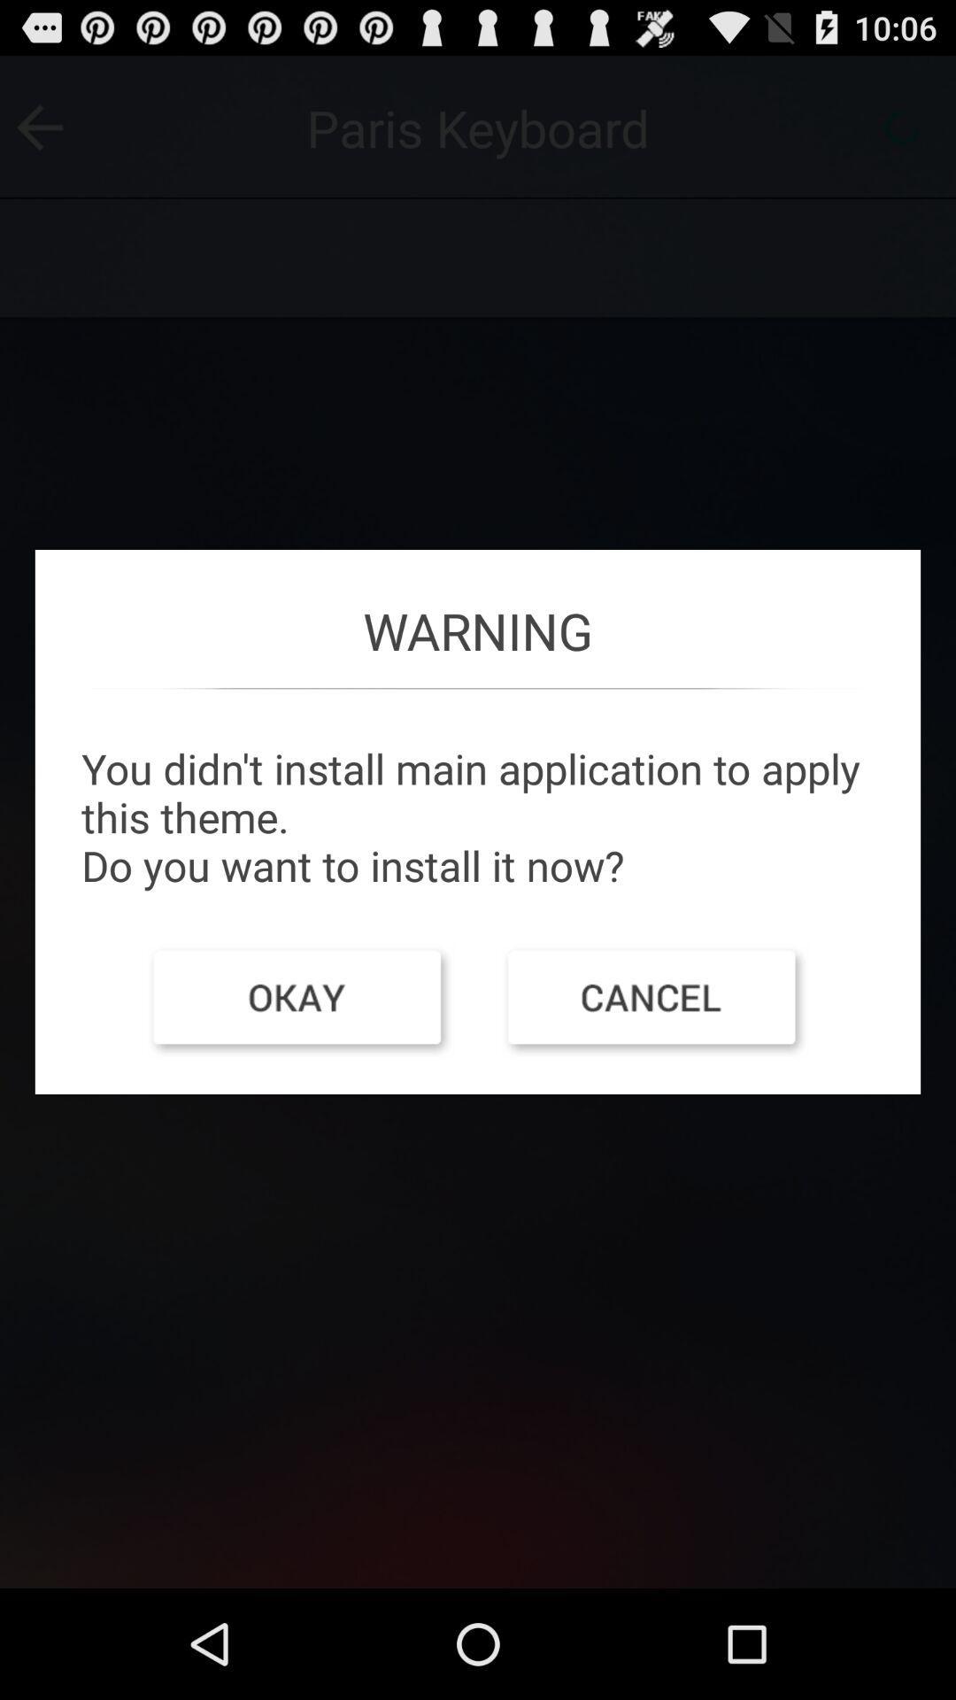  Describe the element at coordinates (299, 1001) in the screenshot. I see `item on the left` at that location.